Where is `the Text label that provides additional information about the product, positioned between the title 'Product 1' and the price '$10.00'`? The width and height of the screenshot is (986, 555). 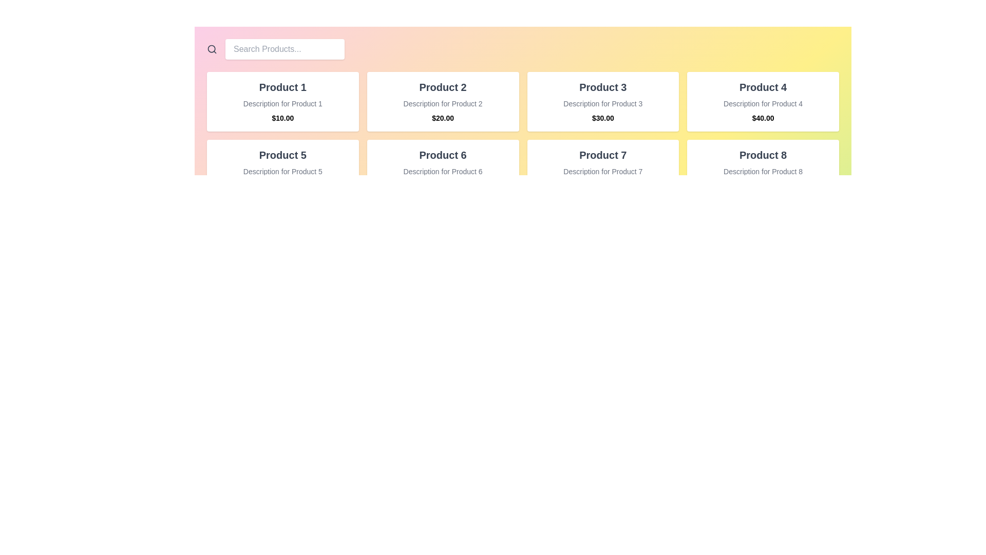
the Text label that provides additional information about the product, positioned between the title 'Product 1' and the price '$10.00' is located at coordinates (282, 103).